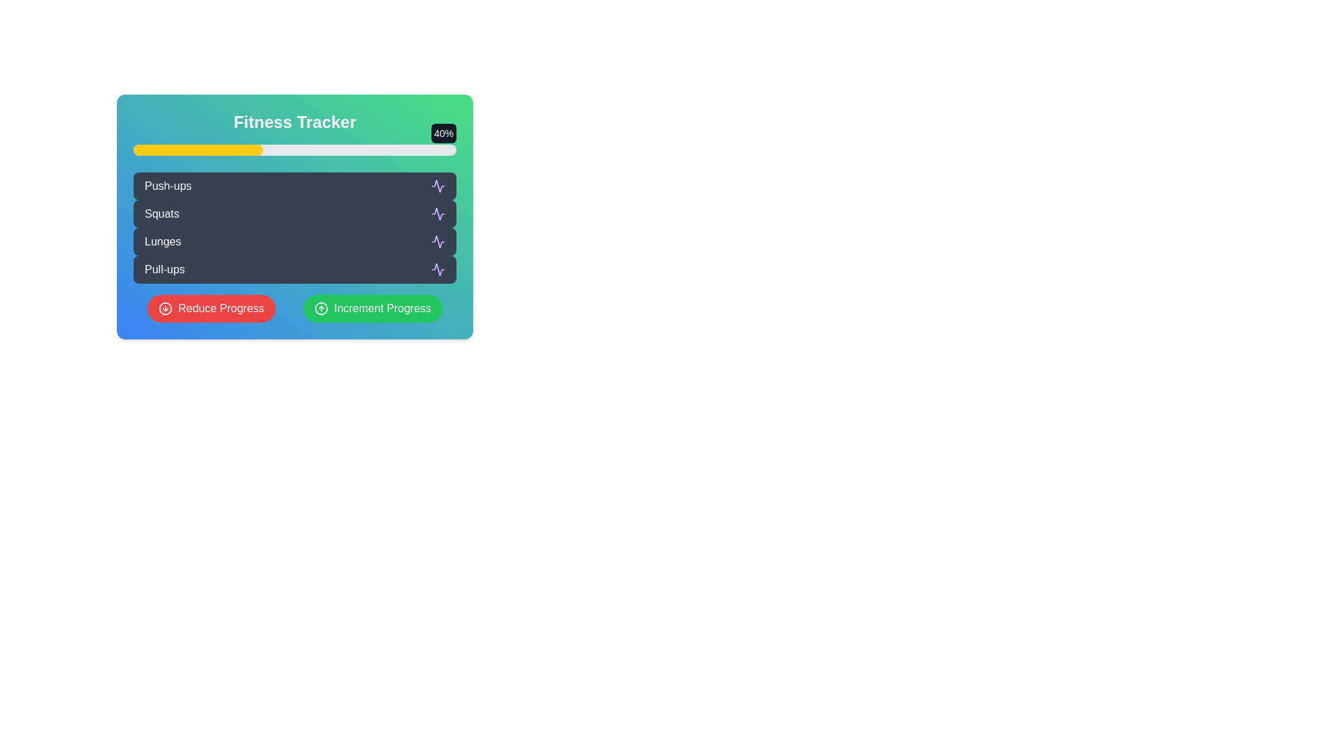  What do you see at coordinates (443, 134) in the screenshot?
I see `the tooltip-like label displaying '40%' with a dark background located at the top-right corner of the progress bar` at bounding box center [443, 134].